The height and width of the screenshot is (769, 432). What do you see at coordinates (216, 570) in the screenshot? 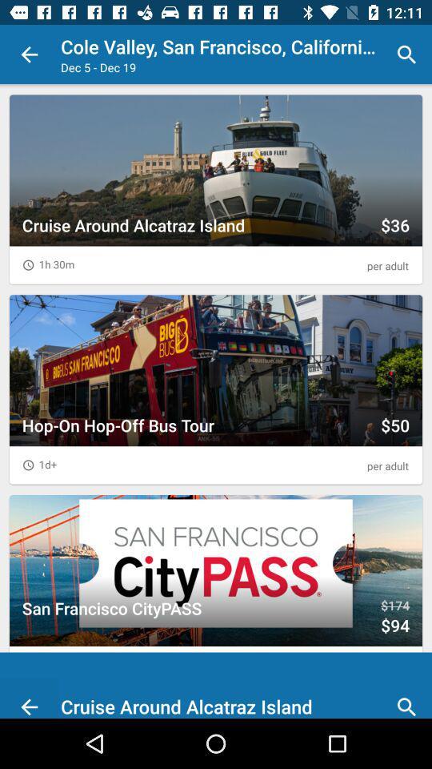
I see `the third thumbnail` at bounding box center [216, 570].